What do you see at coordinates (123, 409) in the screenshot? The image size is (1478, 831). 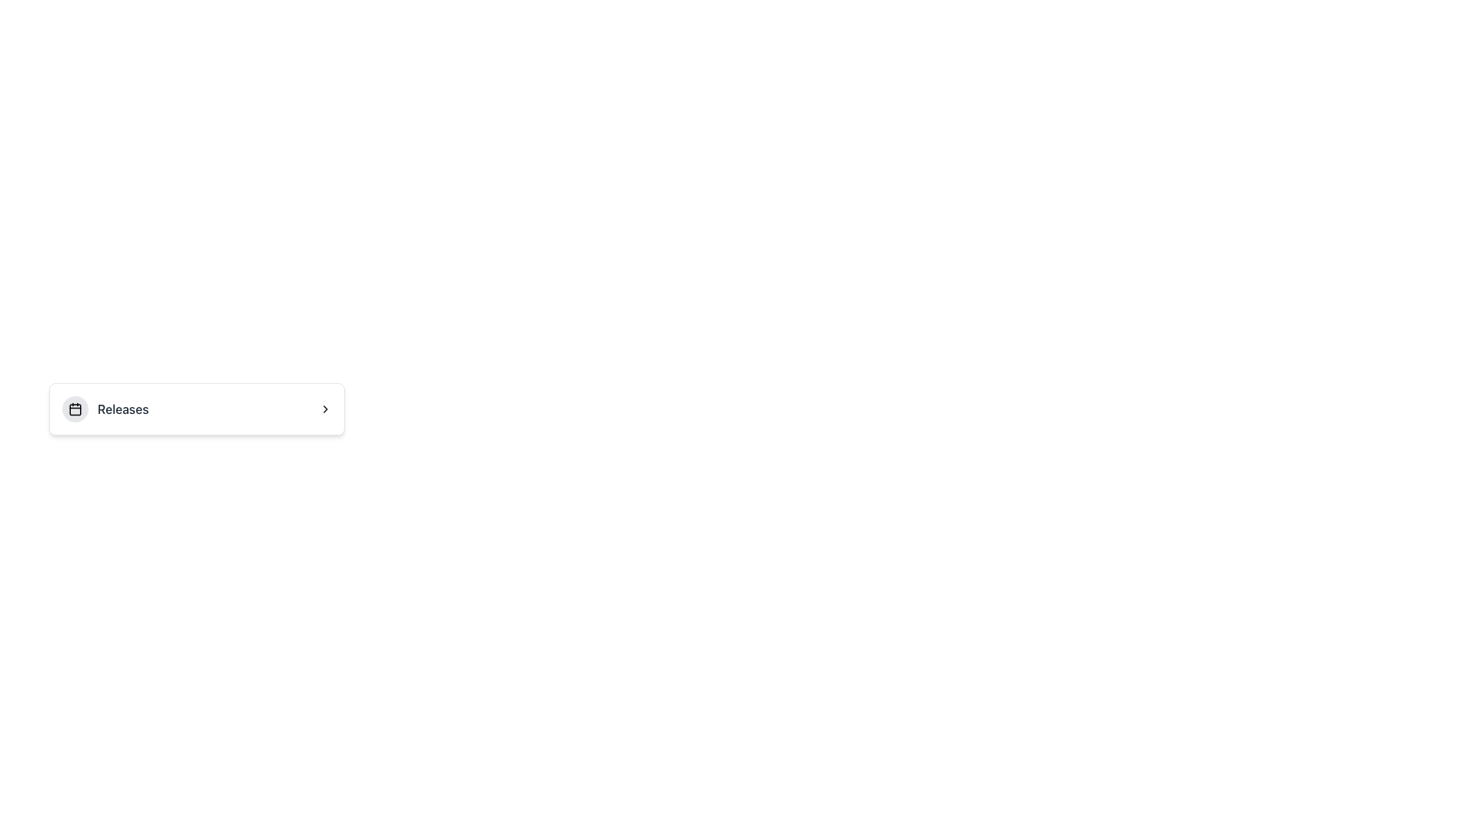 I see `textual label 'Releases' which is a gray-colored label with medium font weight, positioned to the right of a calendar icon in a horizontal list layout` at bounding box center [123, 409].